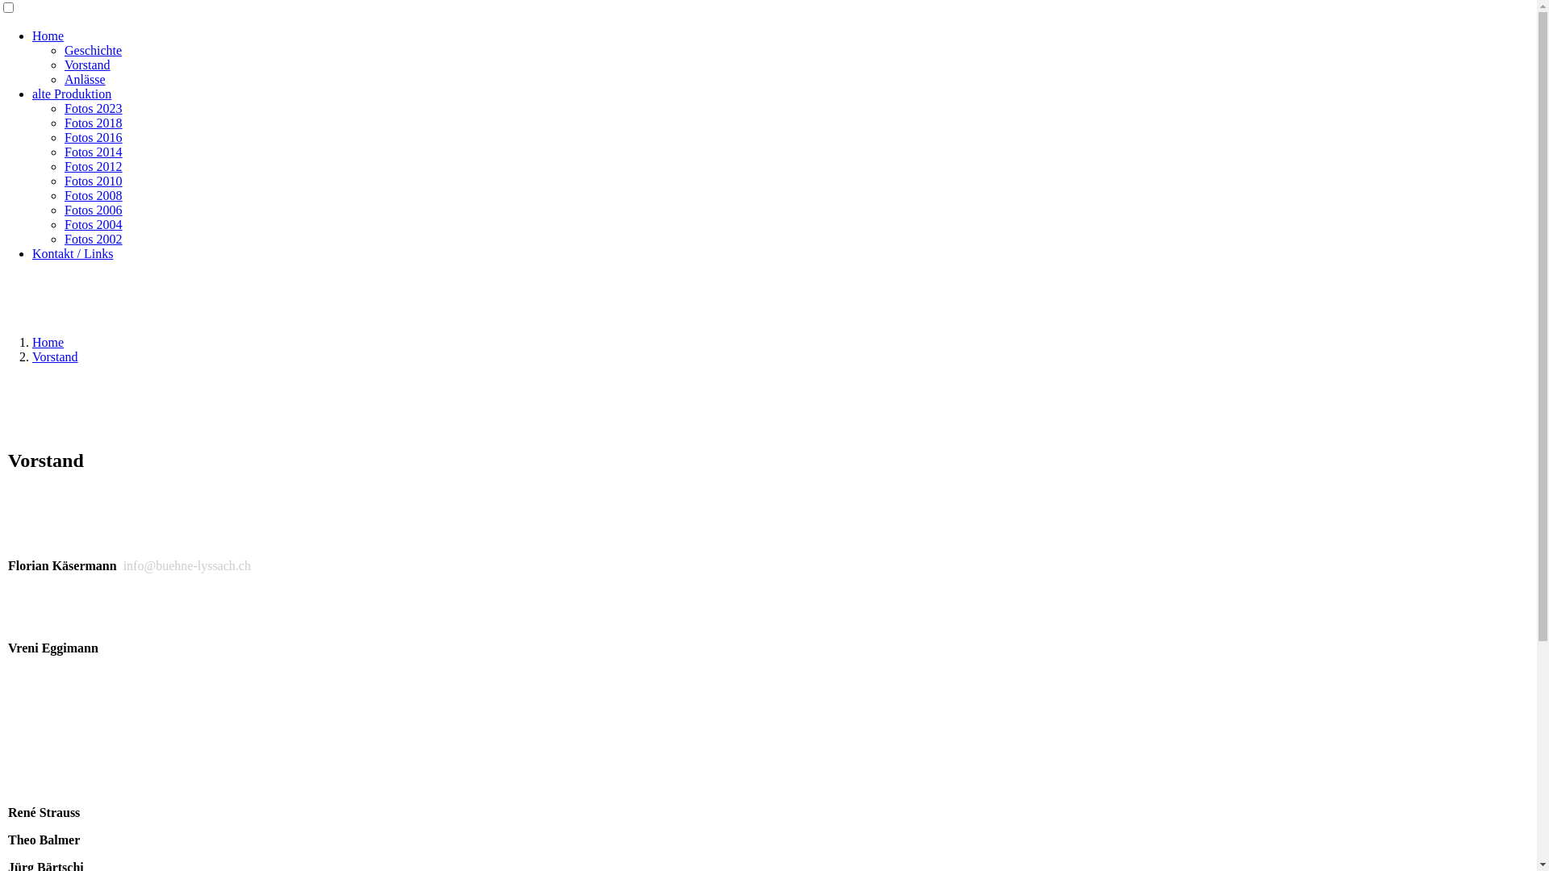 Image resolution: width=1549 pixels, height=871 pixels. I want to click on 'Fotos 2006', so click(92, 209).